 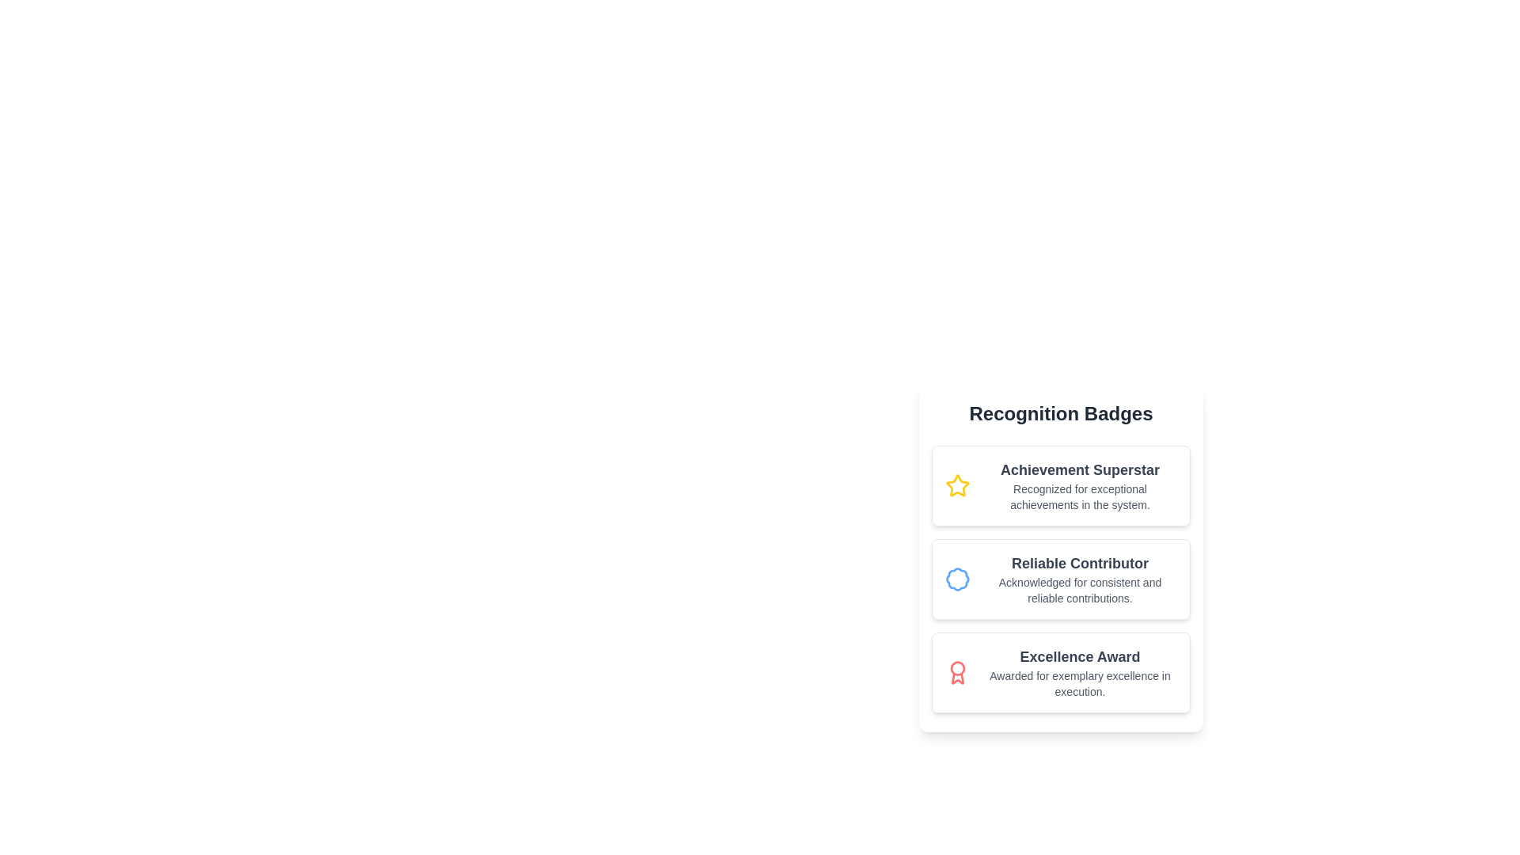 What do you see at coordinates (1079, 496) in the screenshot?
I see `the text label that reads 'Recognized for exceptional achievements in the system.' located below 'Achievement Superstar' in the top card of recognition badges` at bounding box center [1079, 496].